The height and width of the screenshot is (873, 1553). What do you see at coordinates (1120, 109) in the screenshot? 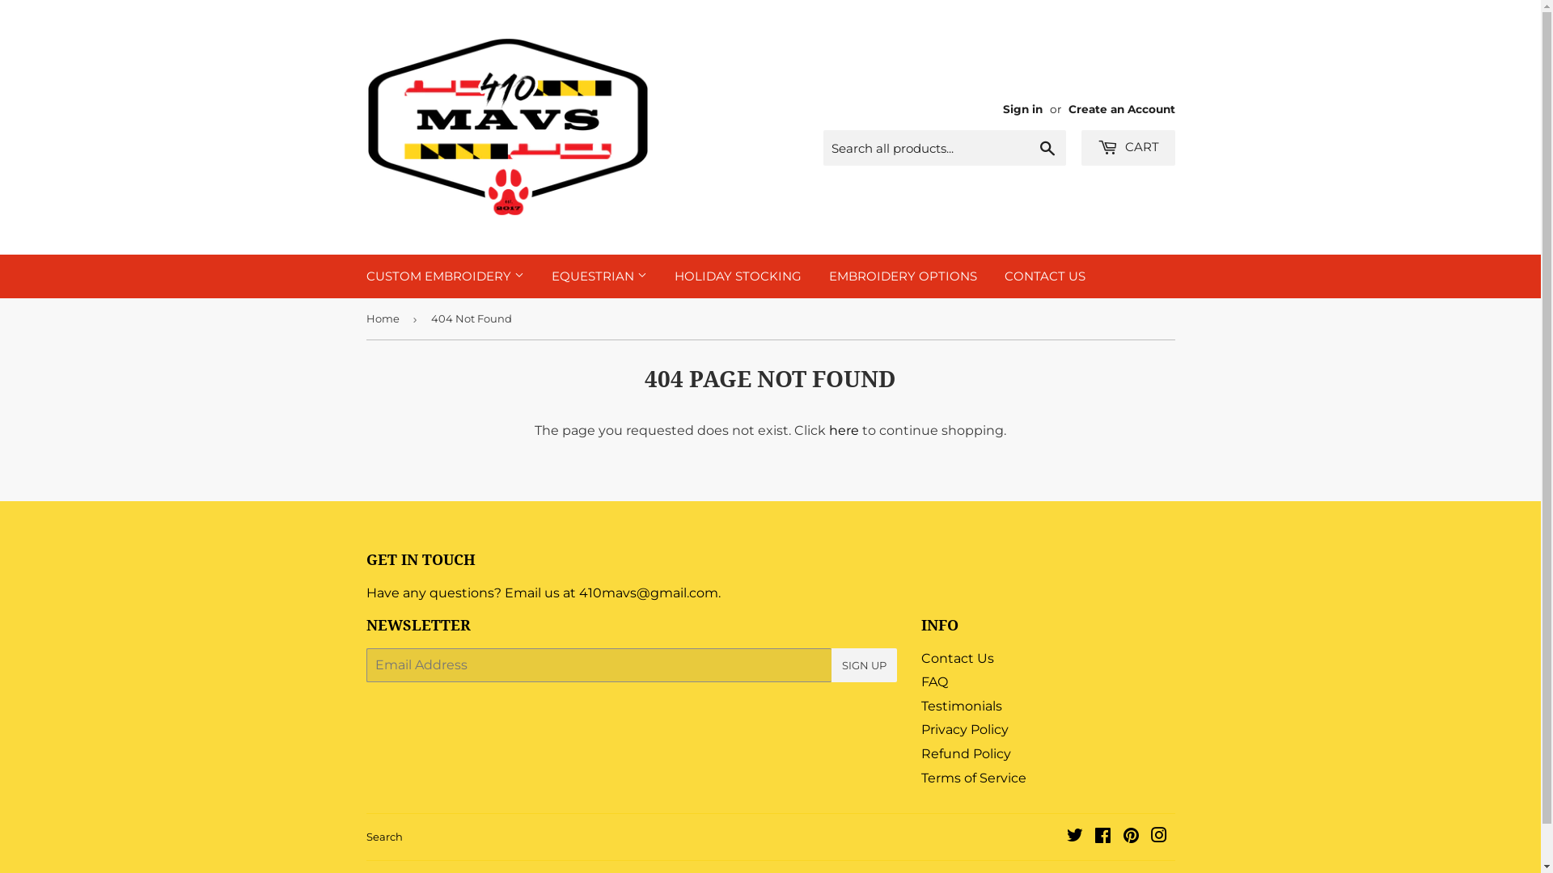
I see `'Create an Account'` at bounding box center [1120, 109].